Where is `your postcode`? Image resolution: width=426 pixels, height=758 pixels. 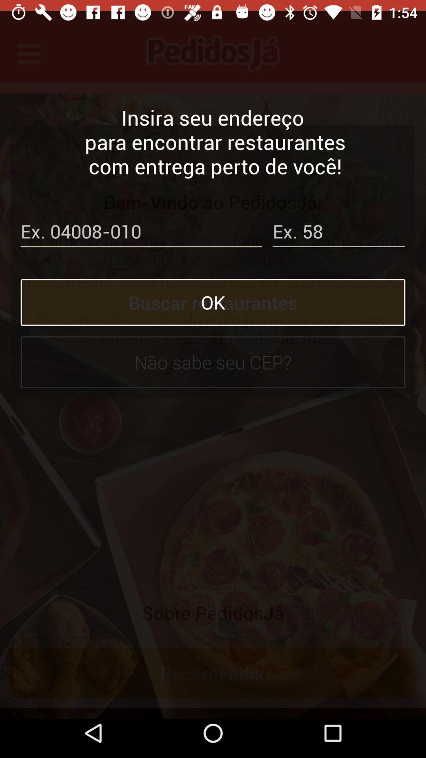 your postcode is located at coordinates (141, 222).